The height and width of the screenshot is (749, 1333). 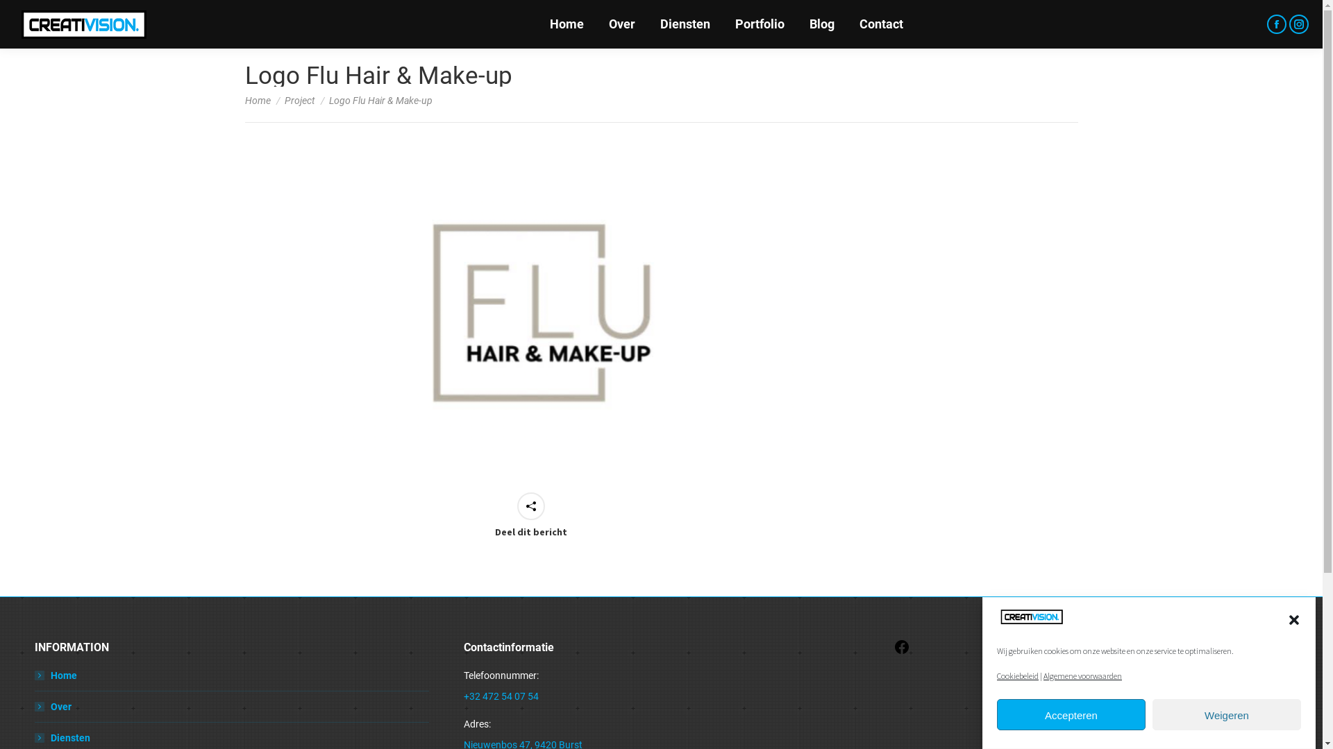 I want to click on 'Over', so click(x=620, y=24).